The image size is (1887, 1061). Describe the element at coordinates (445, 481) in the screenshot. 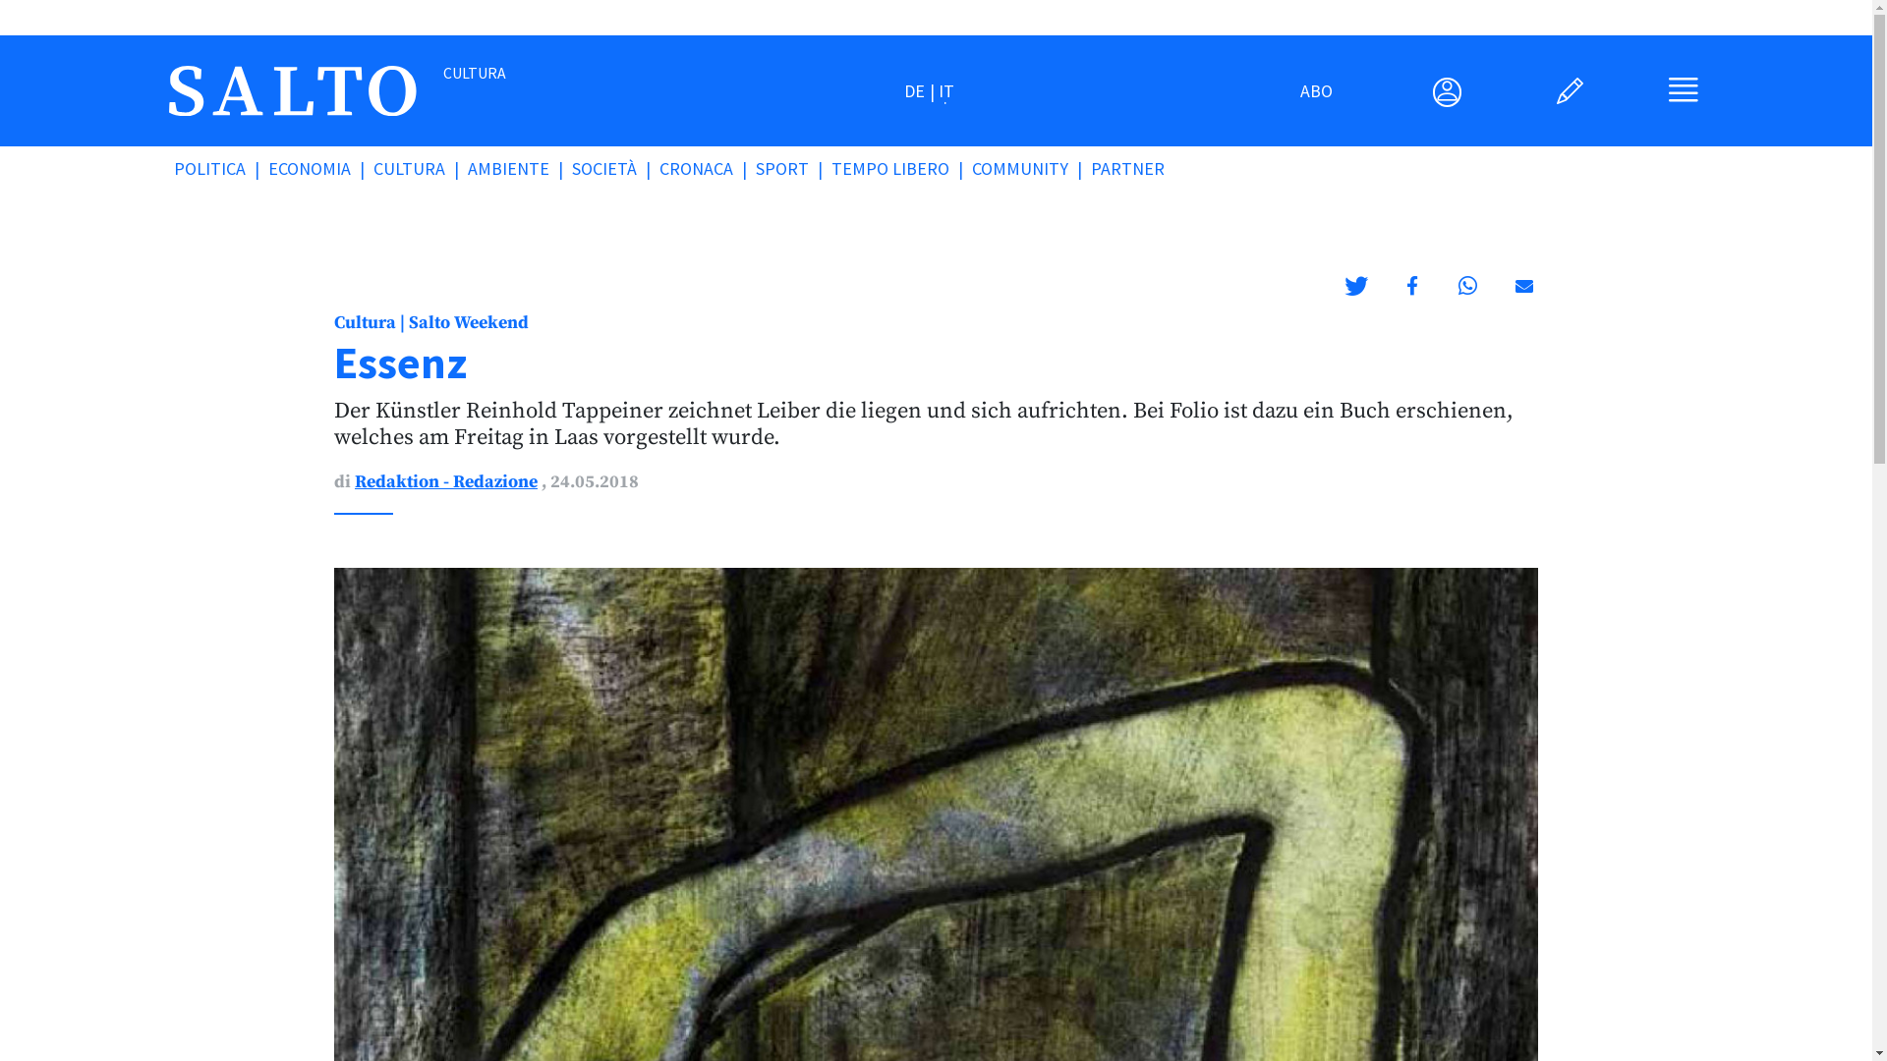

I see `'Redaktion - Redazione'` at that location.